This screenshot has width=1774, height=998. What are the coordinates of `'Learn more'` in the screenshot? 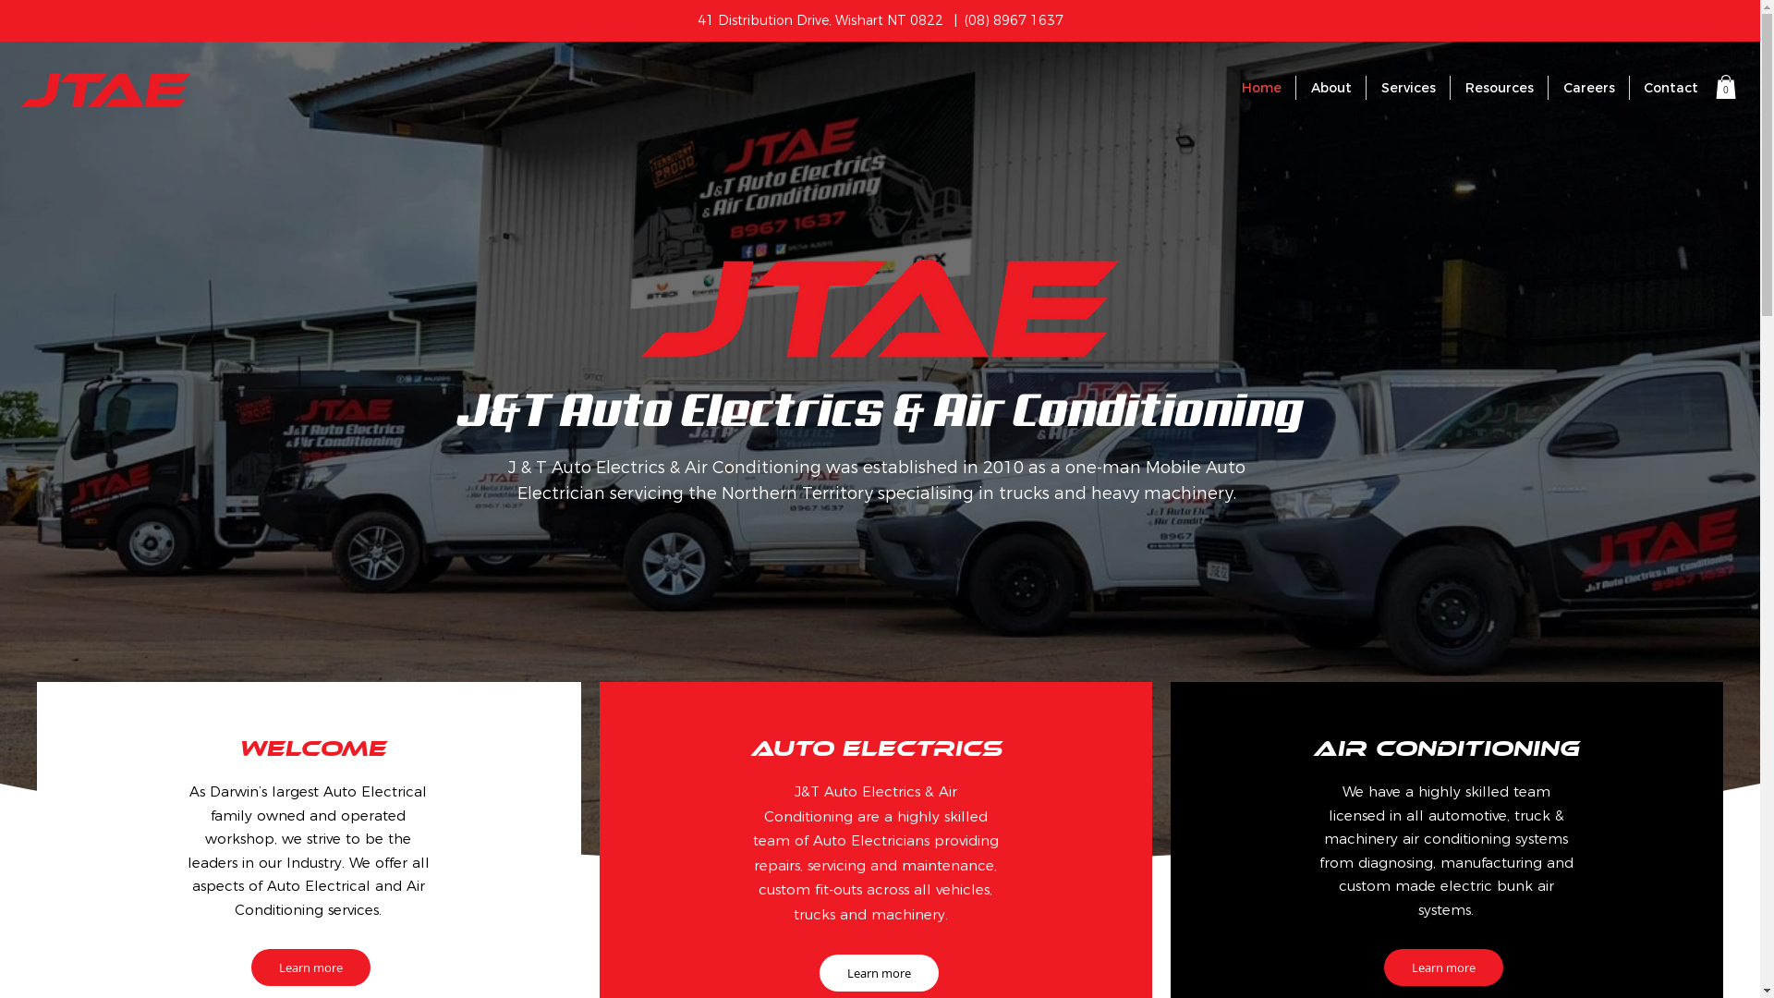 It's located at (1442, 966).